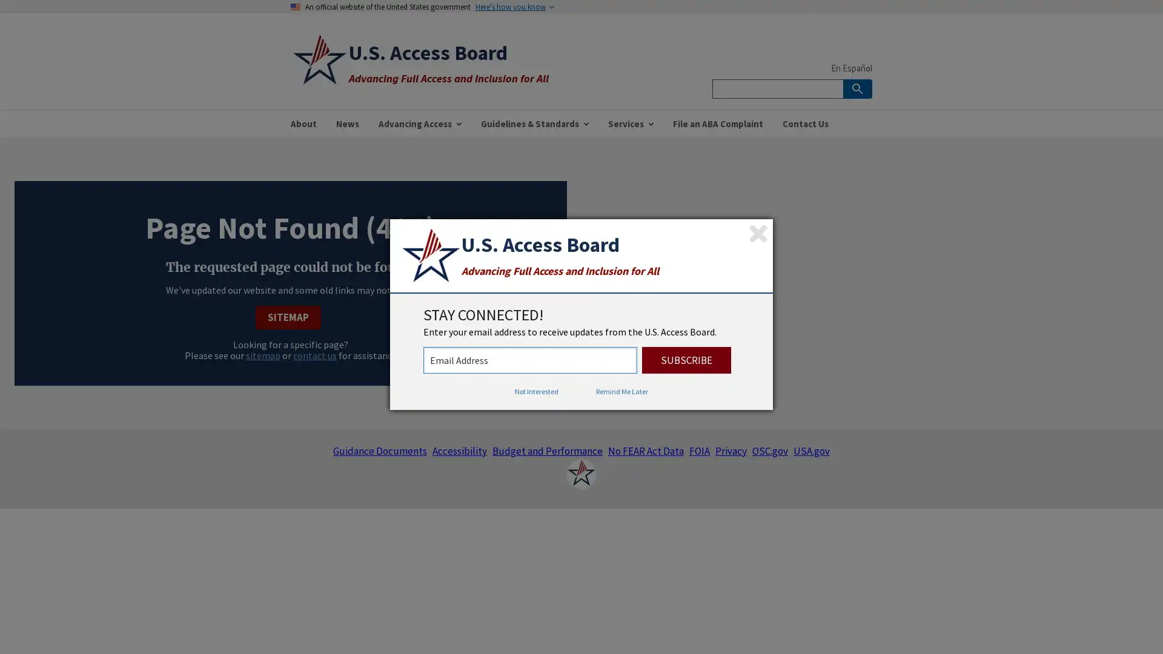 The height and width of the screenshot is (654, 1163). I want to click on Close subscription dialog, so click(758, 233).